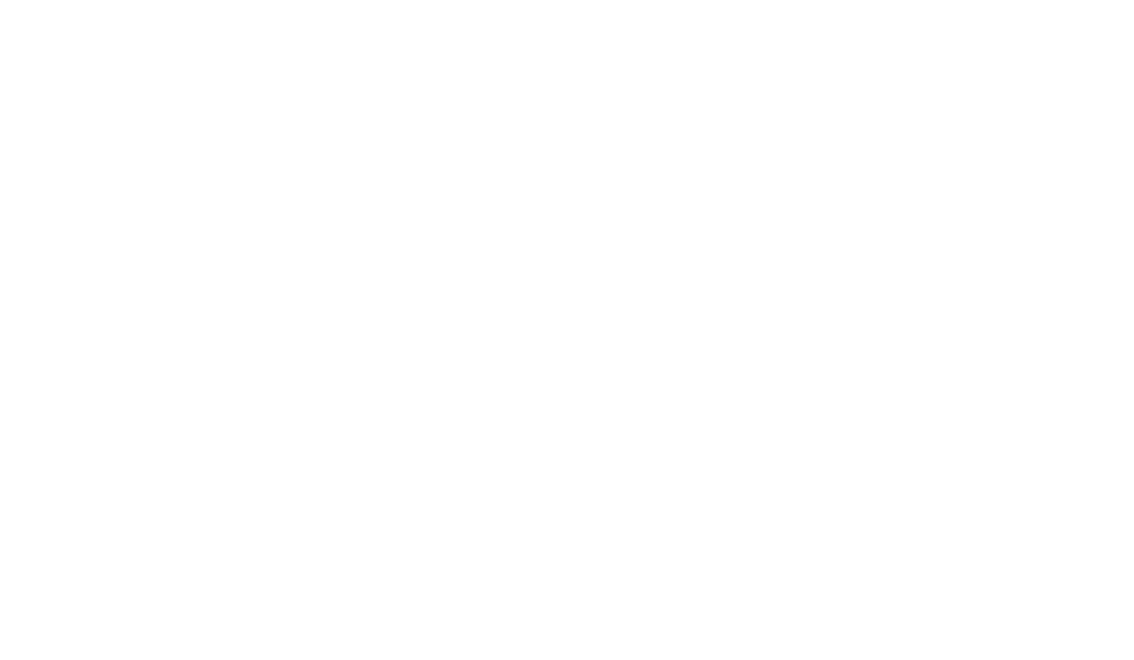  Describe the element at coordinates (481, 167) in the screenshot. I see `'Availability'` at that location.